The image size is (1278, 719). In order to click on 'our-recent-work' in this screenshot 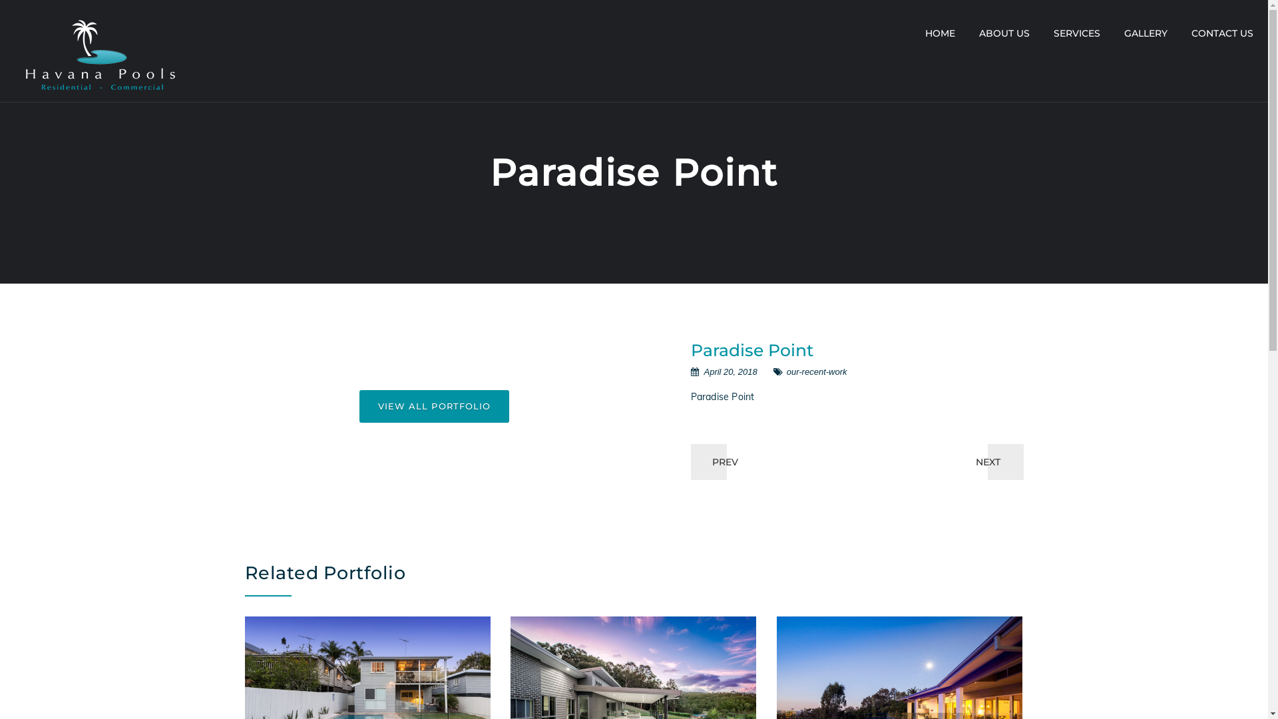, I will do `click(786, 371)`.